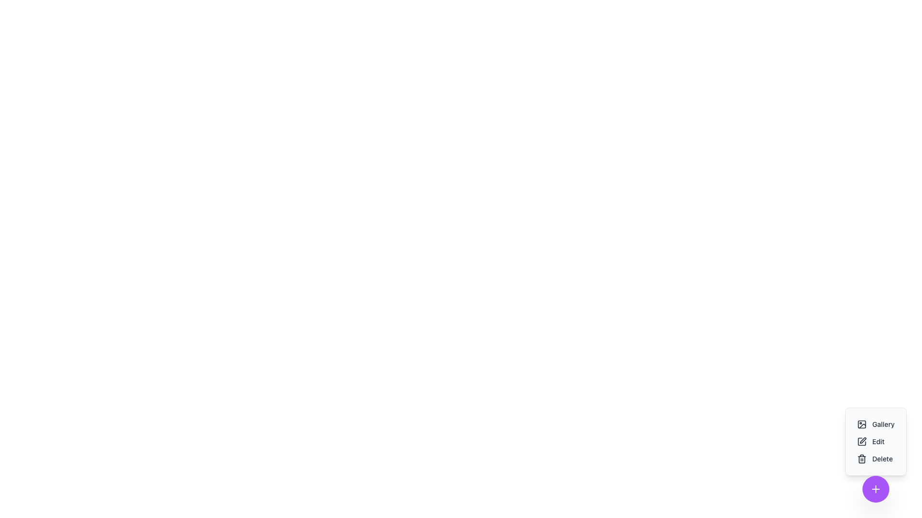 This screenshot has width=922, height=518. I want to click on the 'Delete' interactive button, so click(875, 454).